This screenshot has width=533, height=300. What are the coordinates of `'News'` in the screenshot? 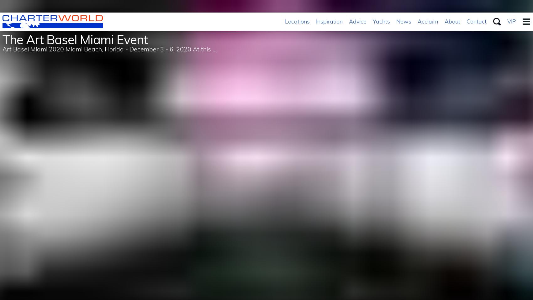 It's located at (404, 21).